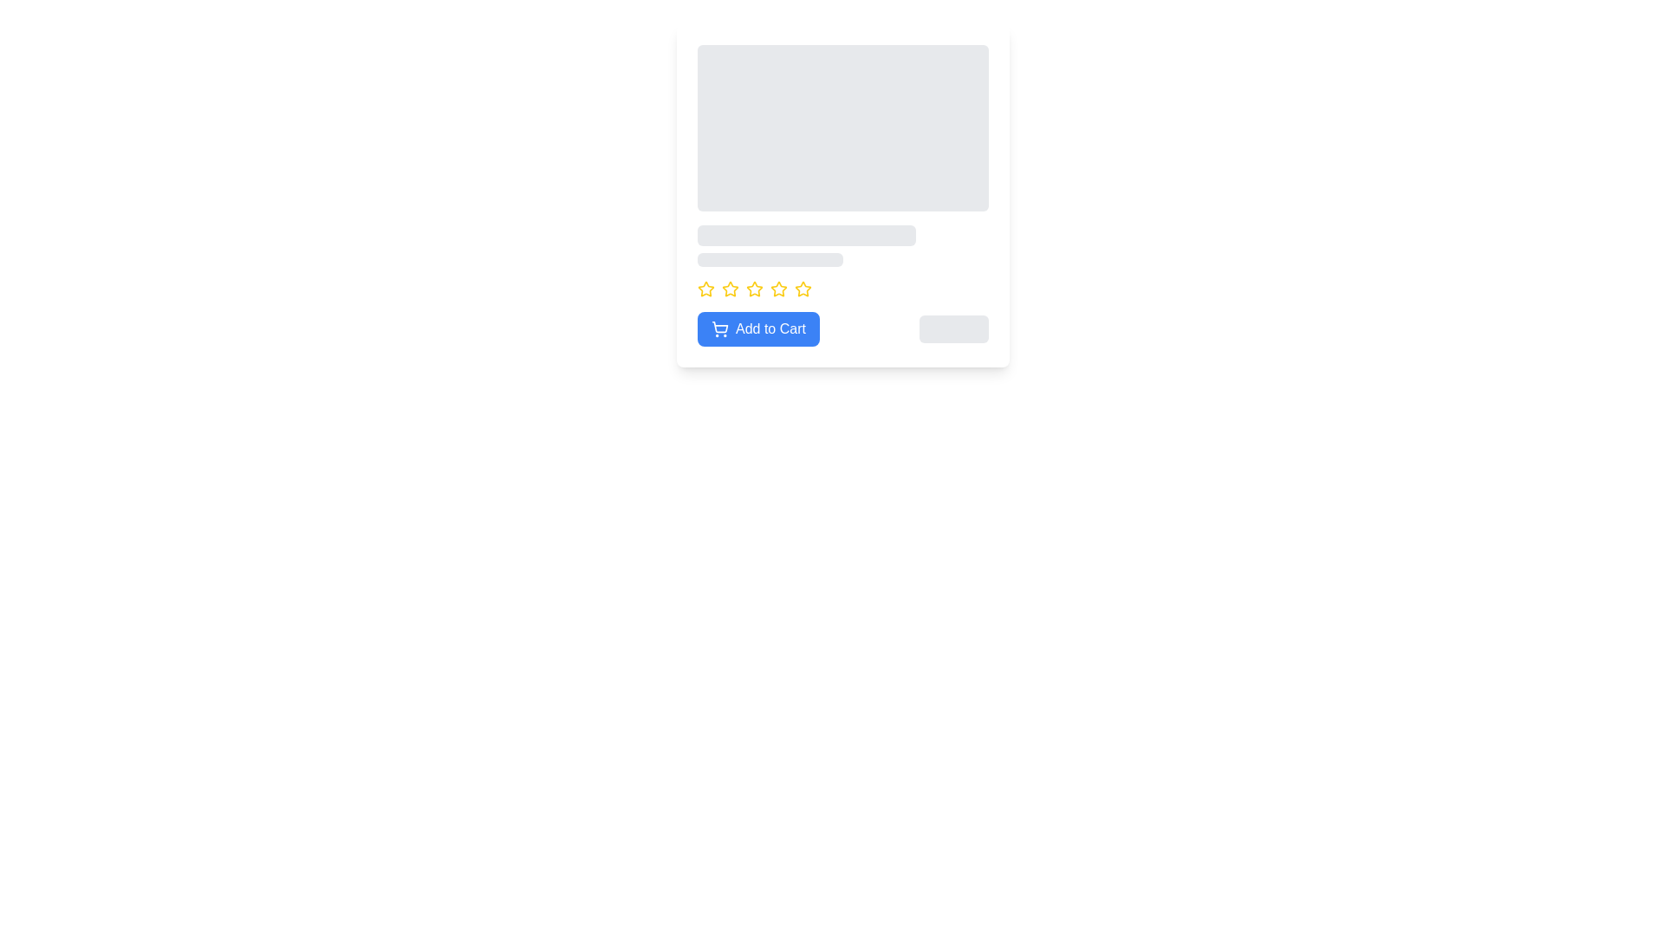 The height and width of the screenshot is (936, 1664). Describe the element at coordinates (706, 289) in the screenshot. I see `on the first star icon, which represents the rating feature for the product` at that location.